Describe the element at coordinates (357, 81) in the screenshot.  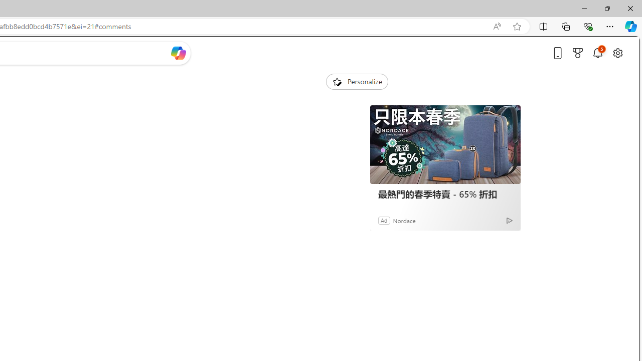
I see `'Personalize'` at that location.